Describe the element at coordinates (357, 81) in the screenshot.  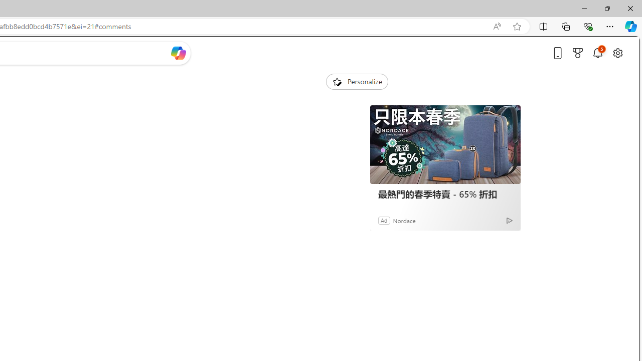
I see `'Personalize'` at that location.